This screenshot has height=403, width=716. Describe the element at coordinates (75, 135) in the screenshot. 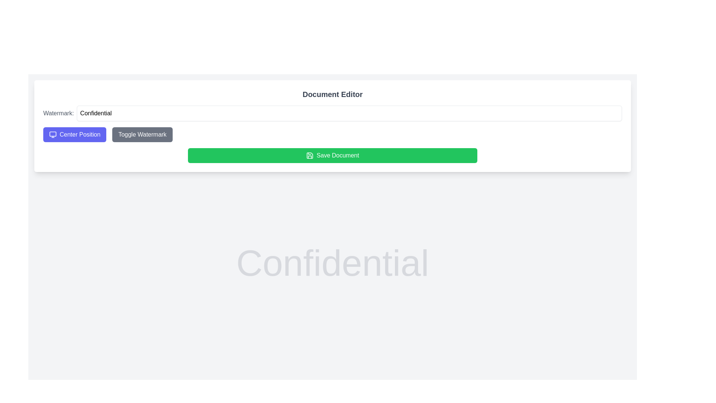

I see `the interactive button located below the watermark label to adjust or center the watermark's position` at that location.